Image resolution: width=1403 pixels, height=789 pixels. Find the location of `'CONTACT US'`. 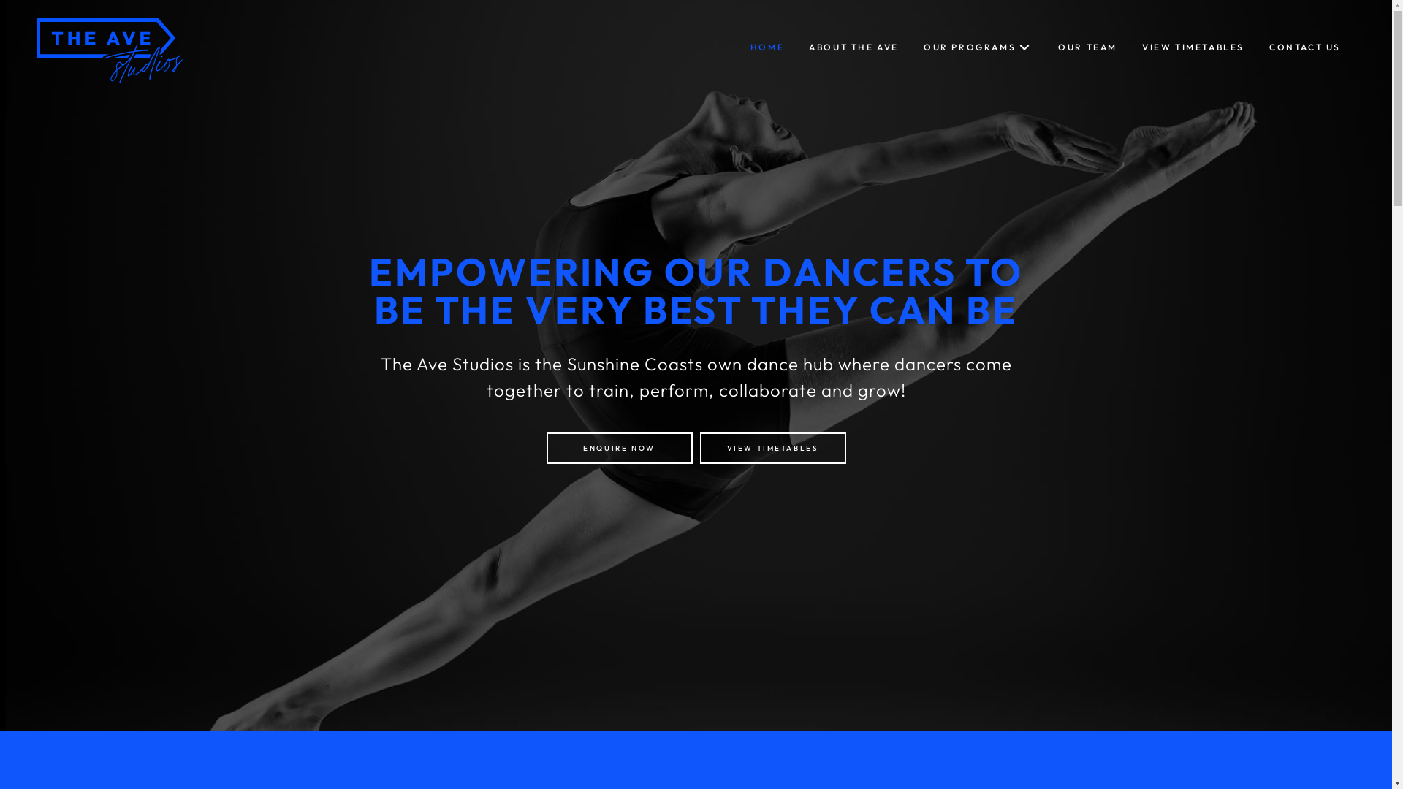

'CONTACT US' is located at coordinates (1304, 47).